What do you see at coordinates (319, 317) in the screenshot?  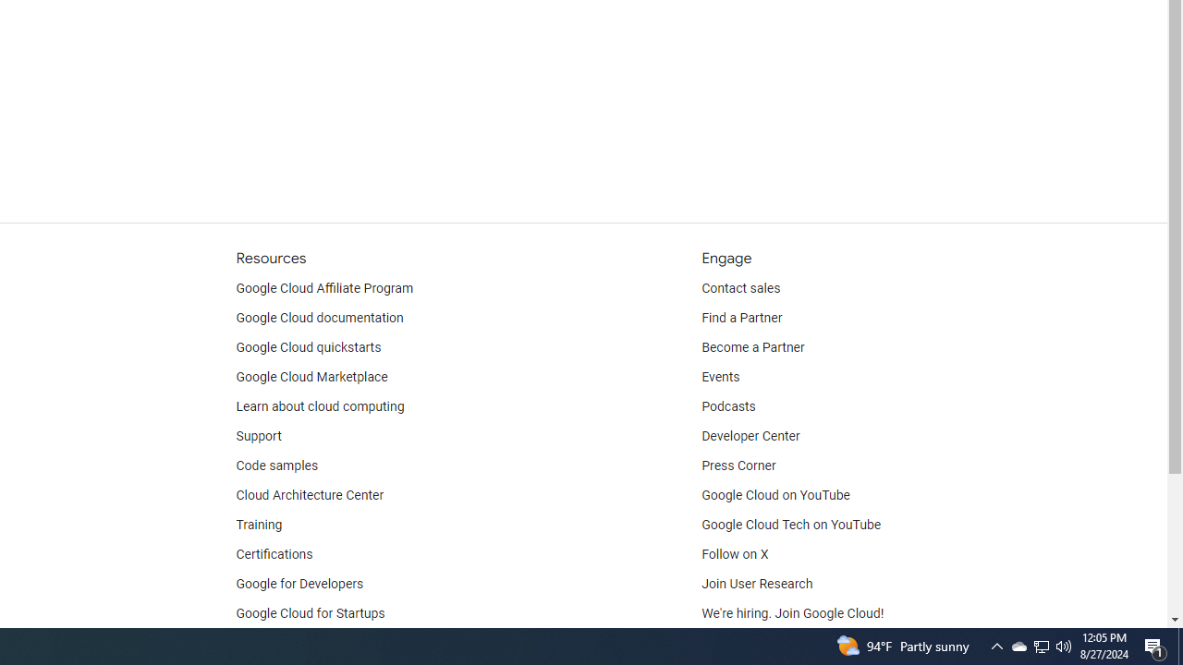 I see `'Google Cloud documentation'` at bounding box center [319, 317].